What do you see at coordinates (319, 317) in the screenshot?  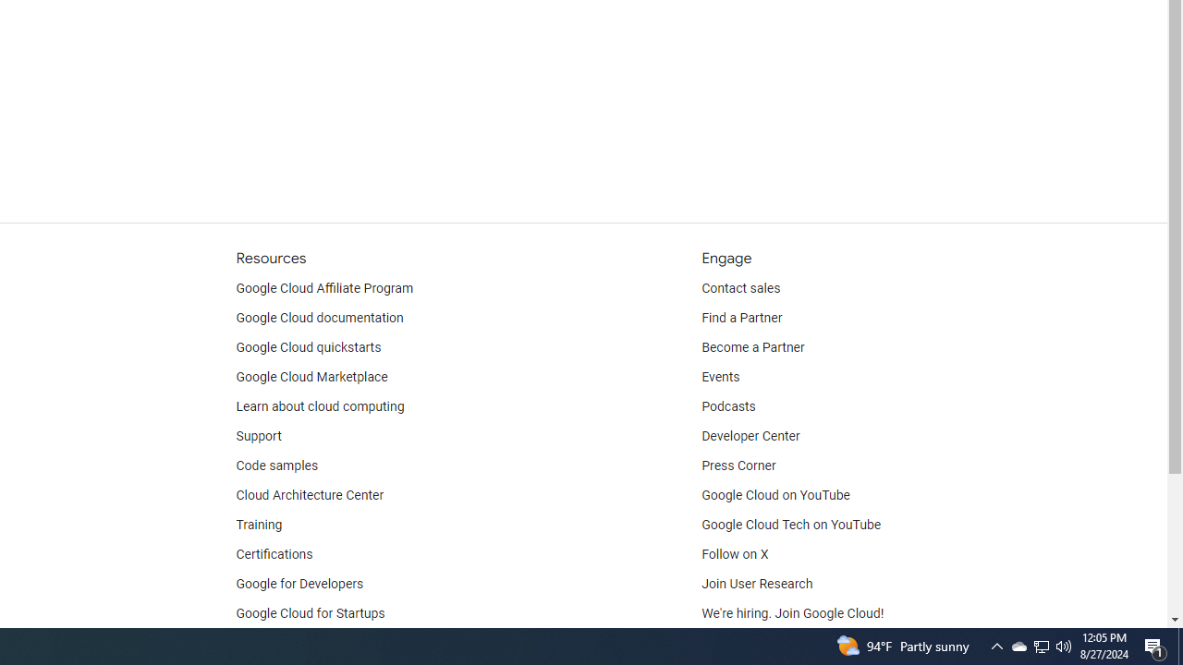 I see `'Google Cloud documentation'` at bounding box center [319, 317].